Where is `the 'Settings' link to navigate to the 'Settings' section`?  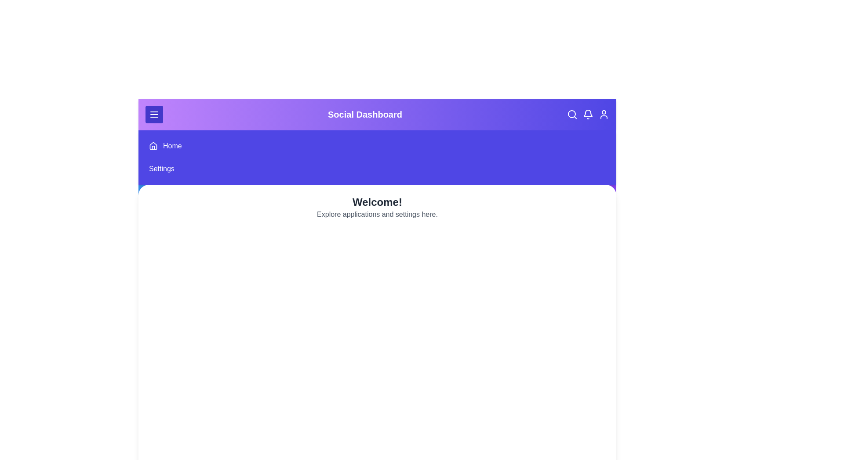 the 'Settings' link to navigate to the 'Settings' section is located at coordinates (161, 169).